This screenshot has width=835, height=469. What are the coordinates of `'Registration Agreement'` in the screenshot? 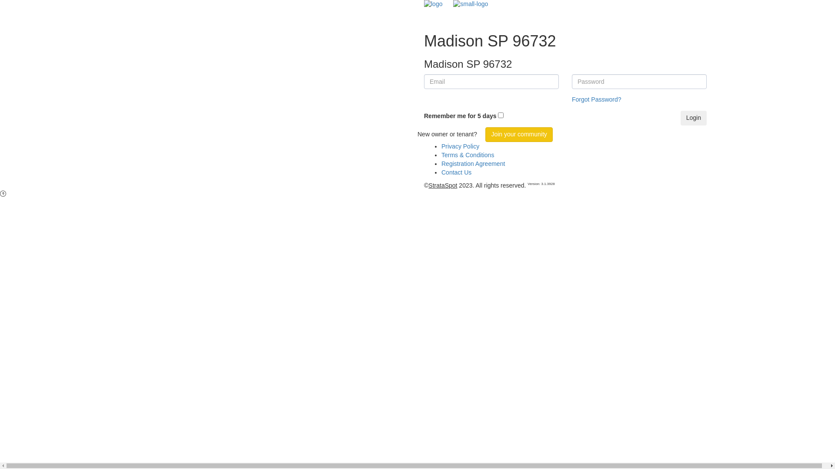 It's located at (473, 164).